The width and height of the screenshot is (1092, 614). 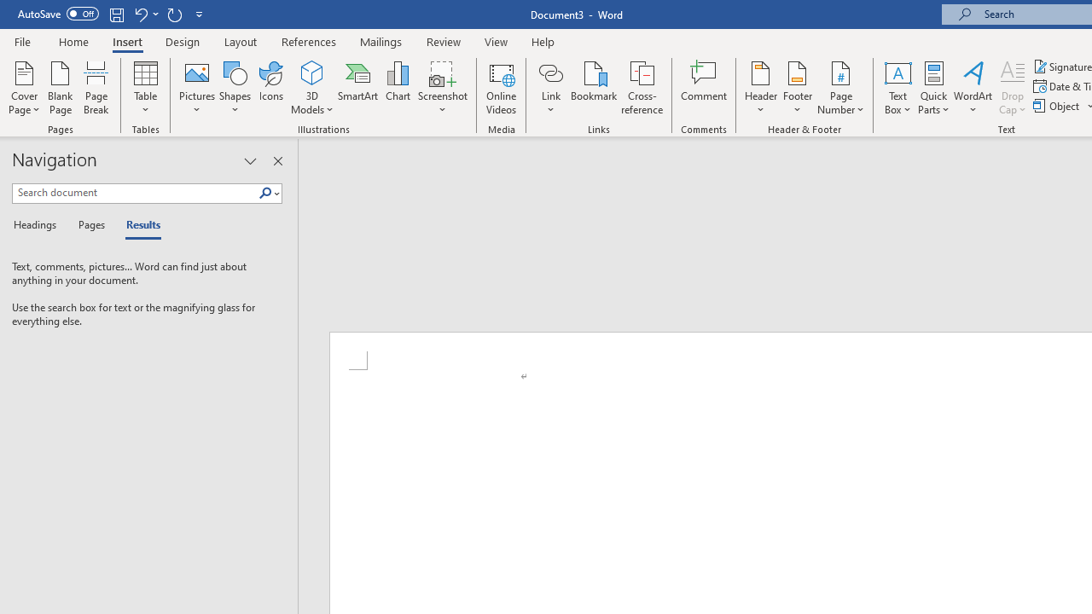 What do you see at coordinates (543, 41) in the screenshot?
I see `'Help'` at bounding box center [543, 41].